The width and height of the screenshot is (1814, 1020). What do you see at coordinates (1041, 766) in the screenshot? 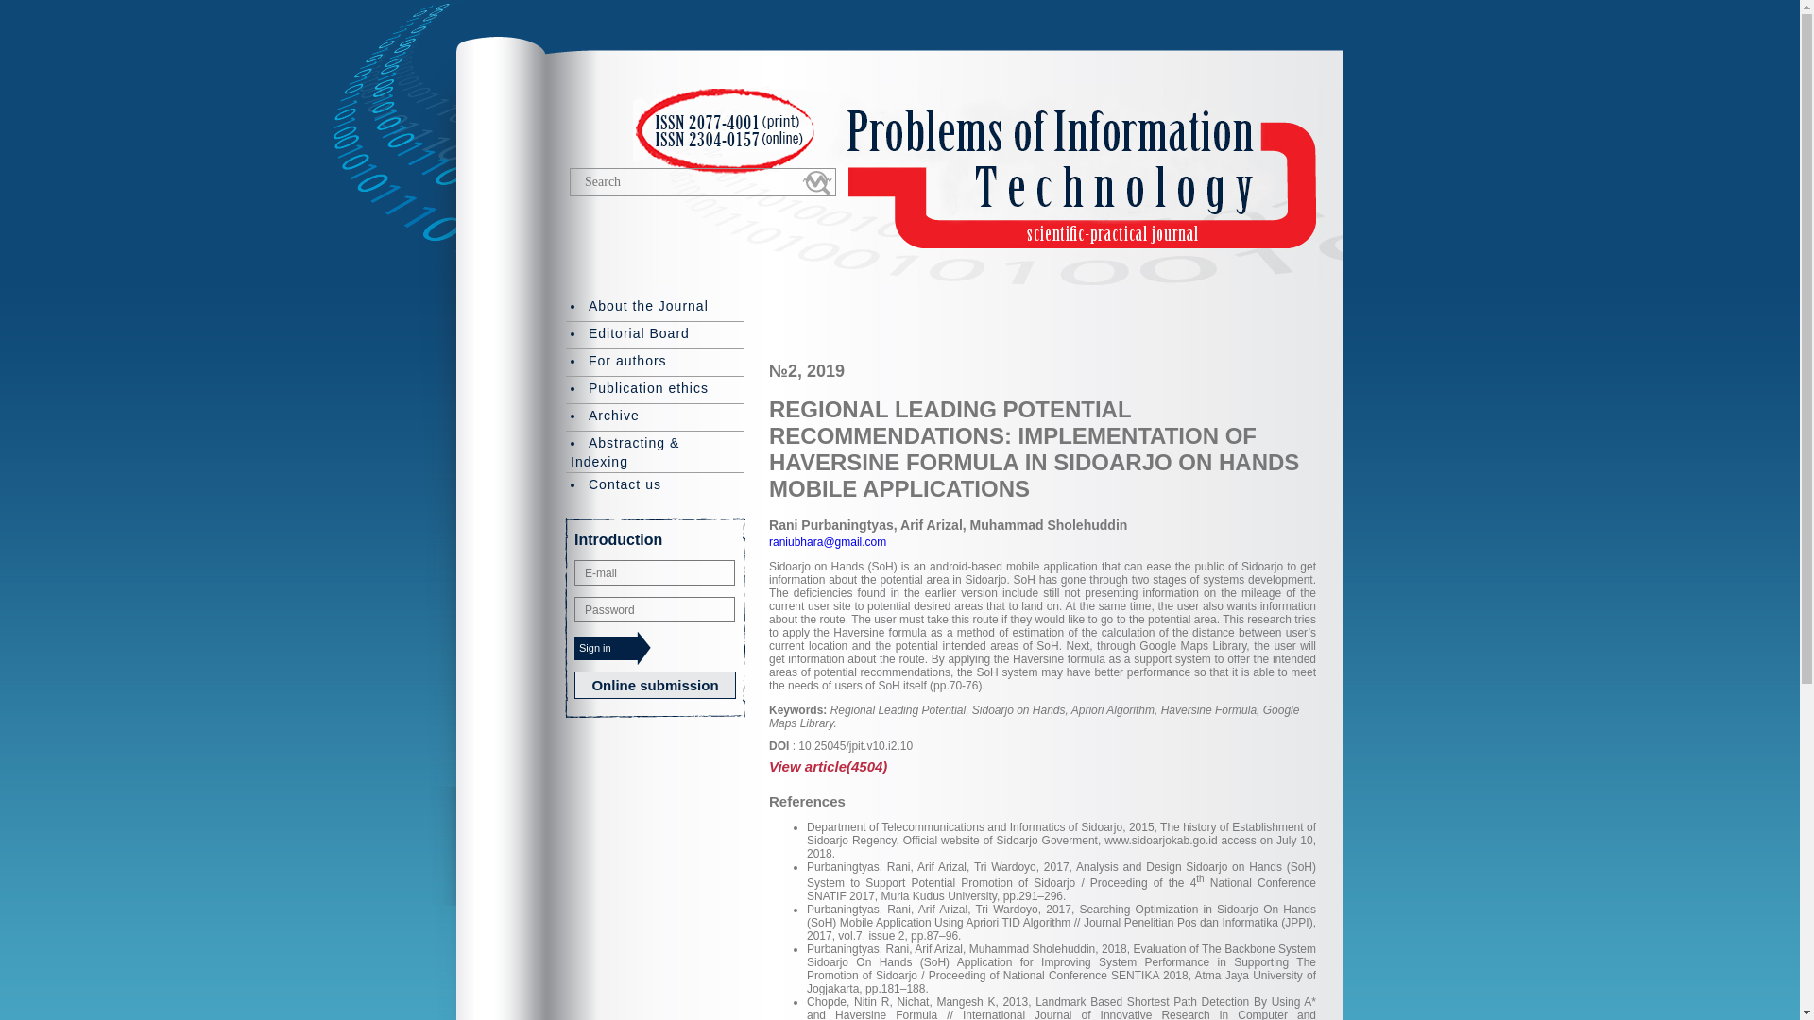
I see `'View article(4504)'` at bounding box center [1041, 766].